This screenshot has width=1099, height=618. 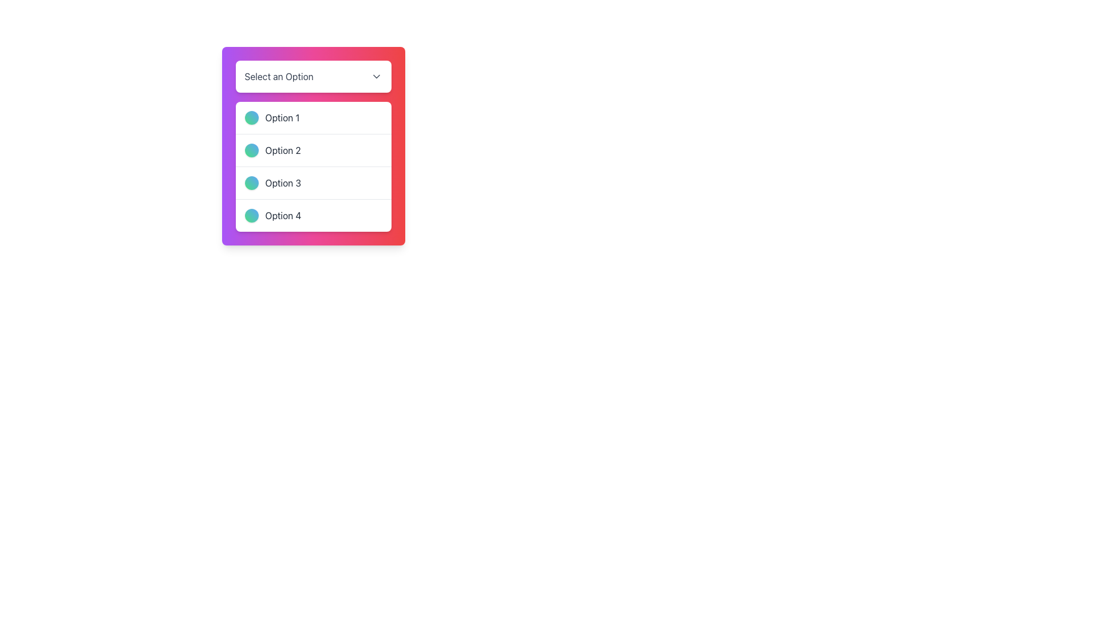 What do you see at coordinates (251, 216) in the screenshot?
I see `the Indicator Circle that visually identifies the 'Option 4' list item in the dropdown menu` at bounding box center [251, 216].